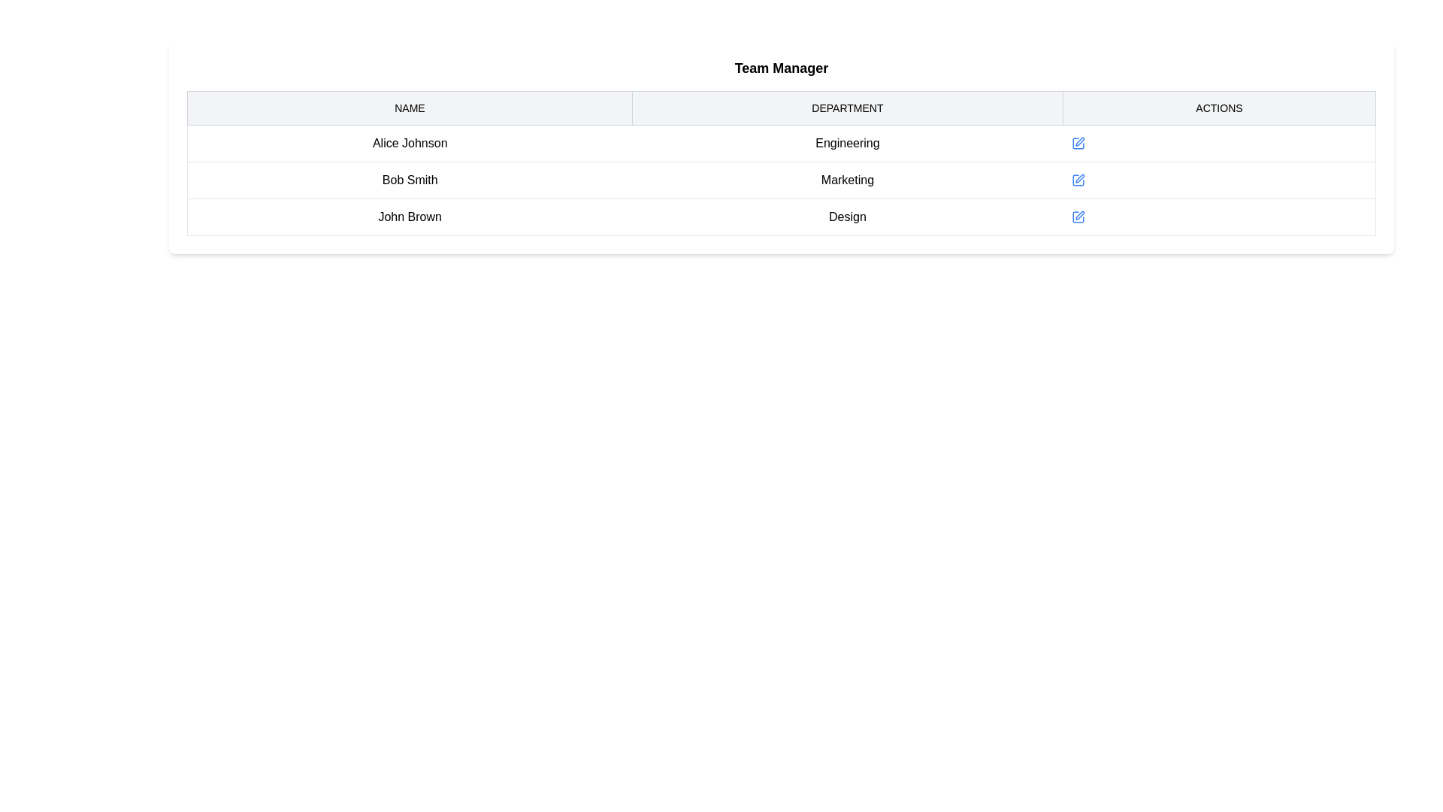 This screenshot has width=1443, height=812. Describe the element at coordinates (1078, 144) in the screenshot. I see `the blue icon button resembling a square with a pen or pencil on top of it located in the 'Actions' column of the first row for 'Alice Johnson'` at that location.